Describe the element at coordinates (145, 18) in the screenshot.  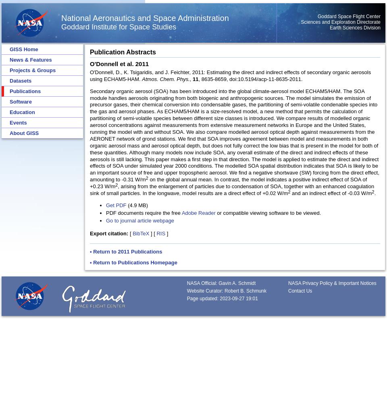
I see `'National Aeronautics and Space Administration'` at that location.